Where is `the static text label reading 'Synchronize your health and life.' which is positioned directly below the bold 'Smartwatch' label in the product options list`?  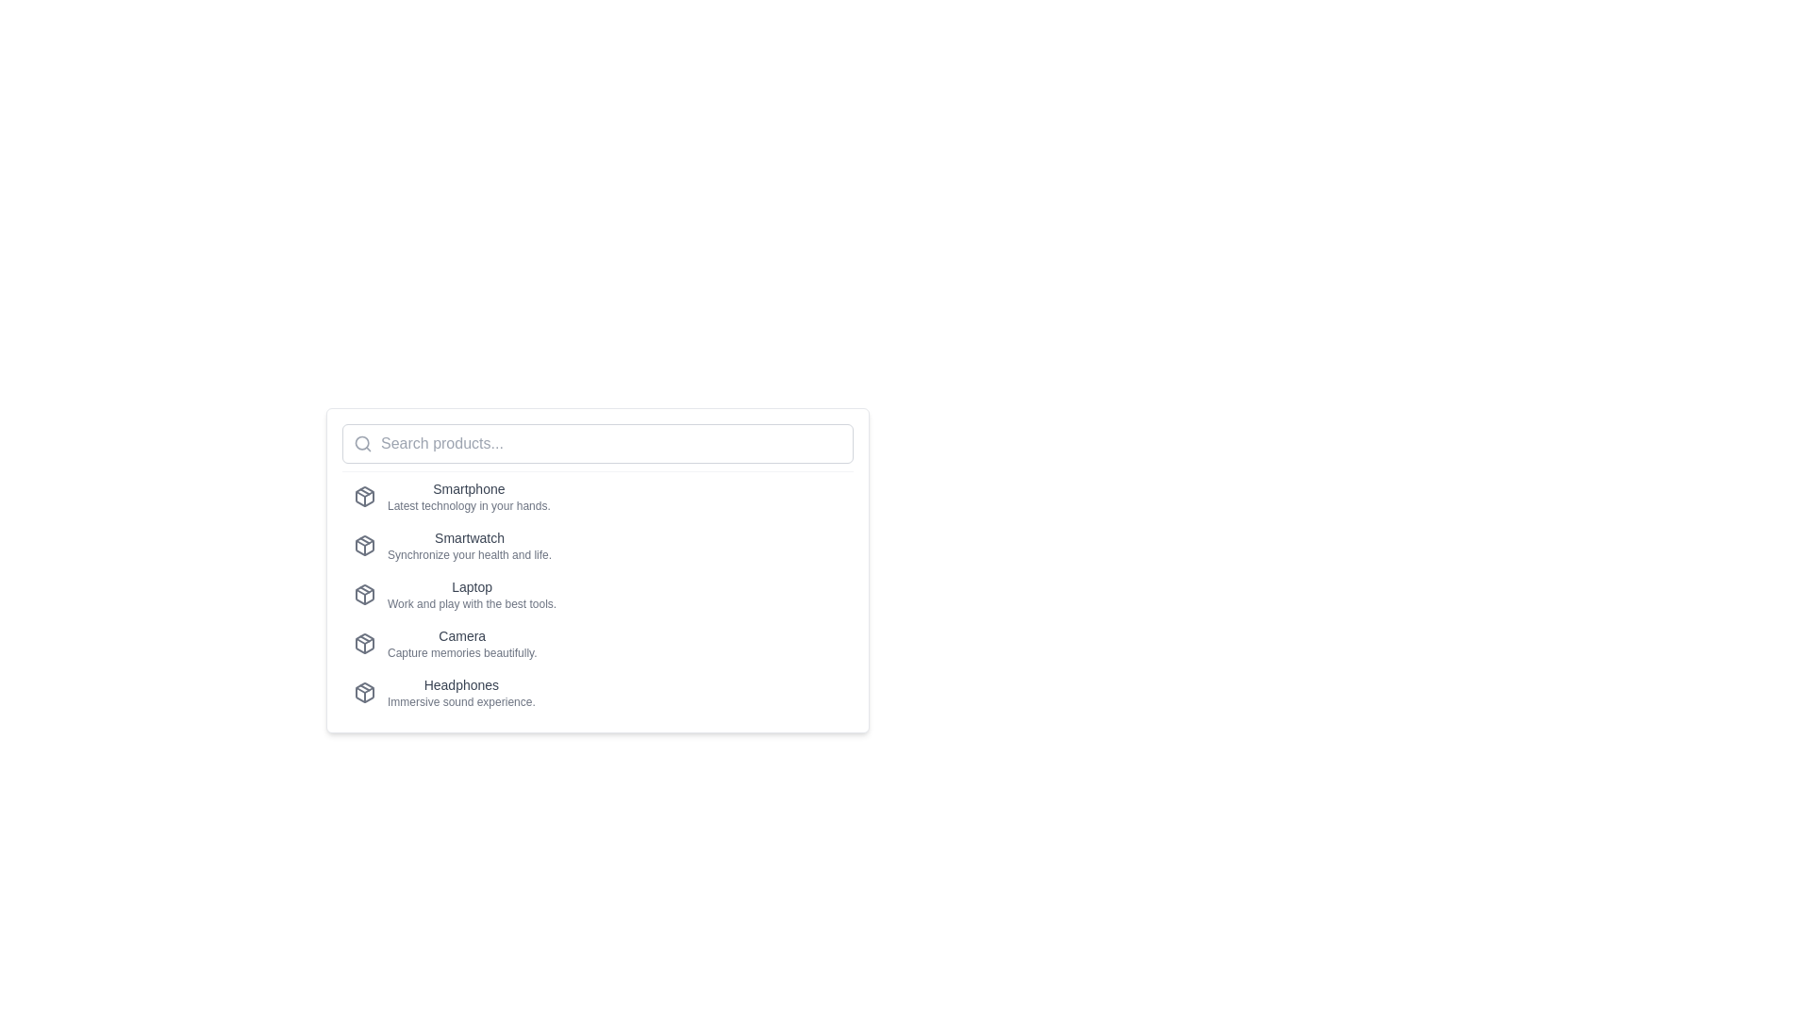 the static text label reading 'Synchronize your health and life.' which is positioned directly below the bold 'Smartwatch' label in the product options list is located at coordinates (470, 554).